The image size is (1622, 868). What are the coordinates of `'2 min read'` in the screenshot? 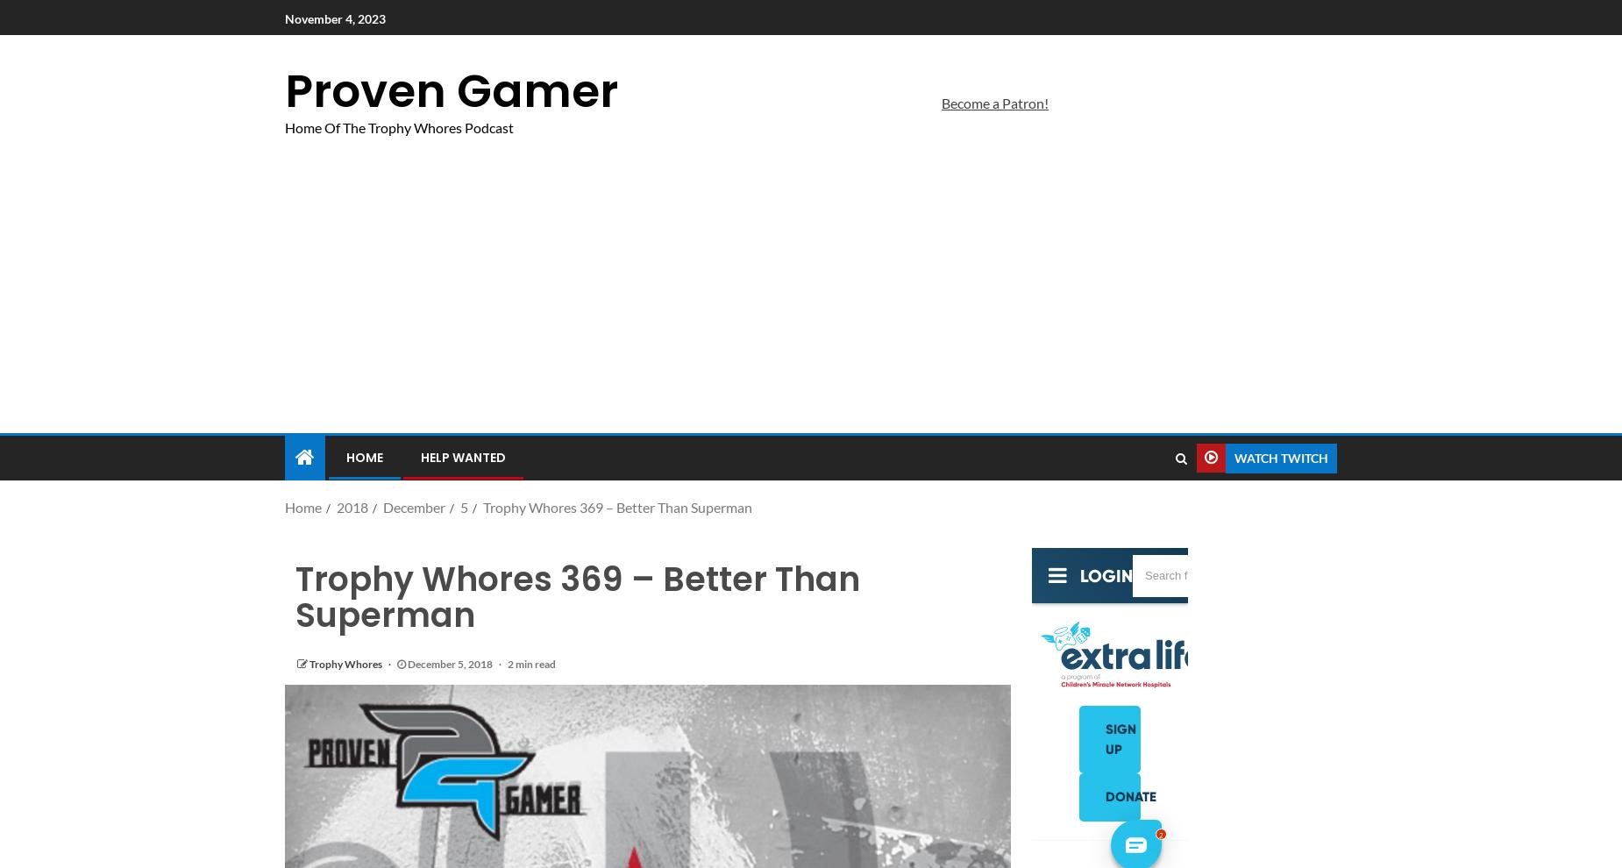 It's located at (531, 664).